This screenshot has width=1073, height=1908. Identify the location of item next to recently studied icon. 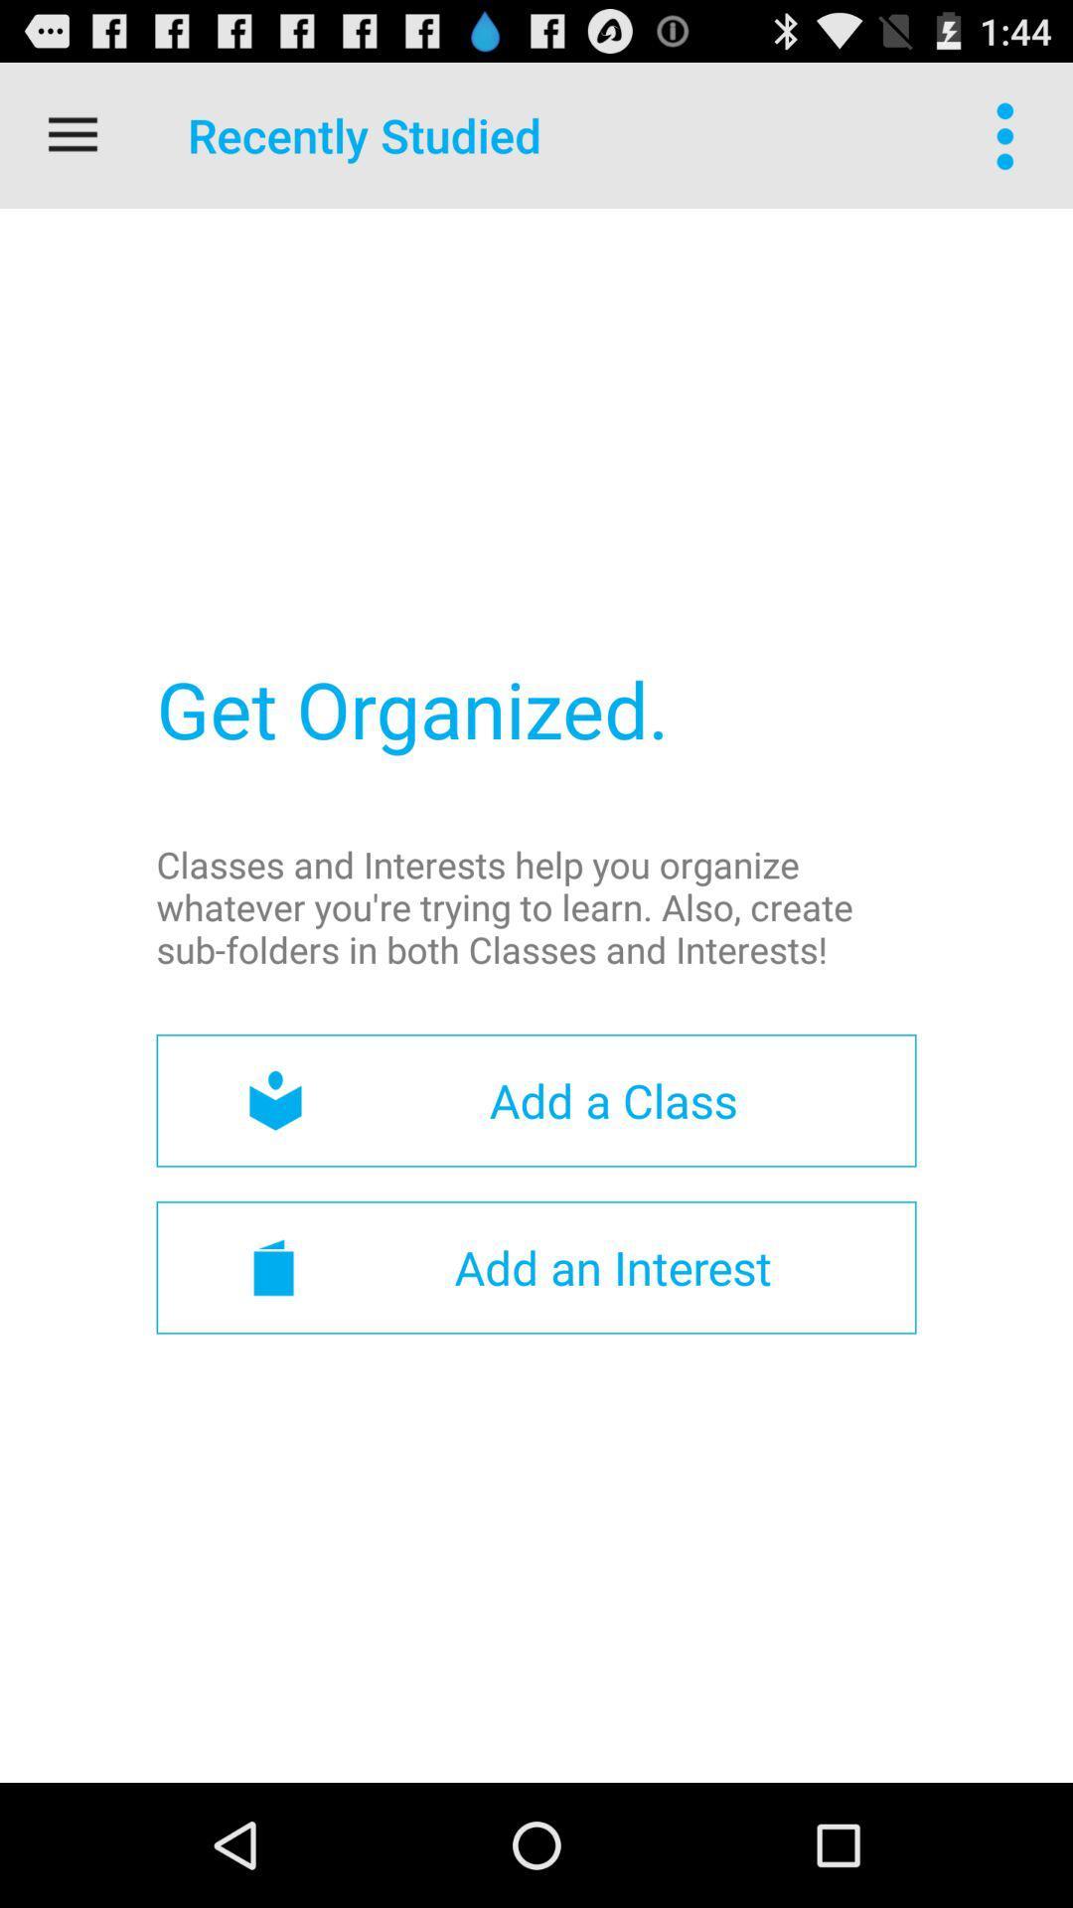
(1010, 134).